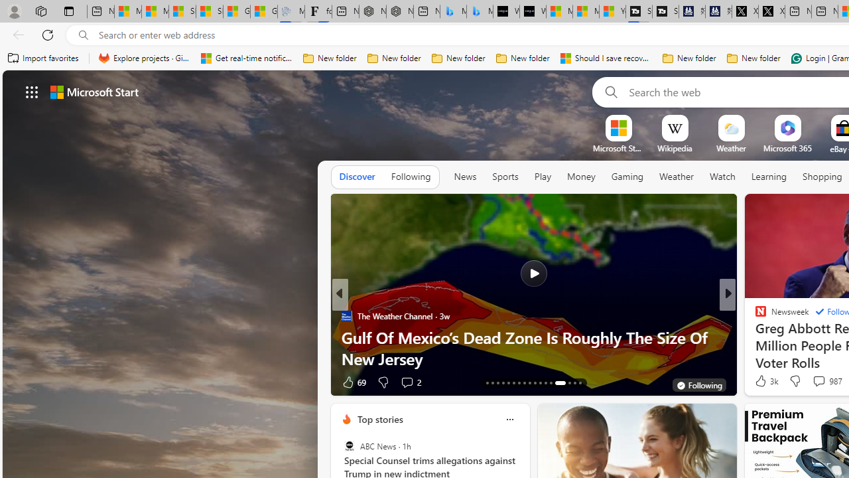  I want to click on 'News', so click(465, 176).